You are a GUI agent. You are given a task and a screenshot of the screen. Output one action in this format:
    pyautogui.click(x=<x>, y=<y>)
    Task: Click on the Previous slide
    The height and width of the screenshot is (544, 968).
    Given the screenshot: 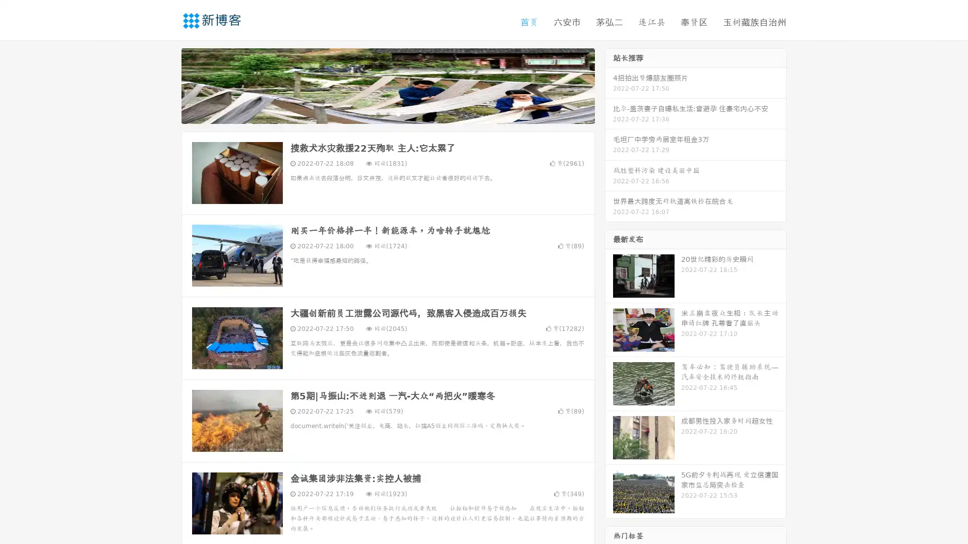 What is the action you would take?
    pyautogui.click(x=166, y=85)
    